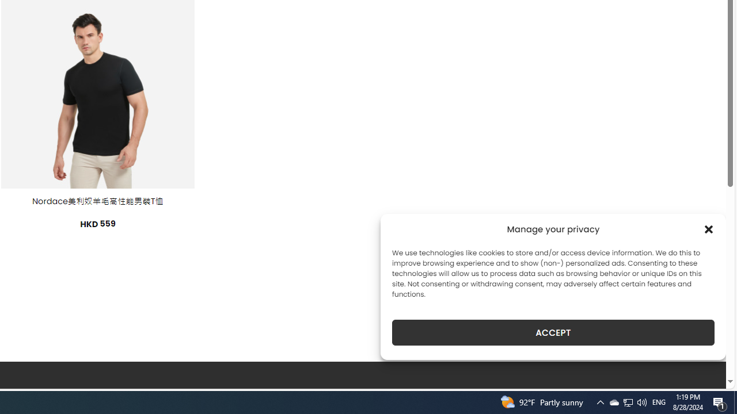 The height and width of the screenshot is (414, 737). Describe the element at coordinates (702, 373) in the screenshot. I see `'Go to top'` at that location.